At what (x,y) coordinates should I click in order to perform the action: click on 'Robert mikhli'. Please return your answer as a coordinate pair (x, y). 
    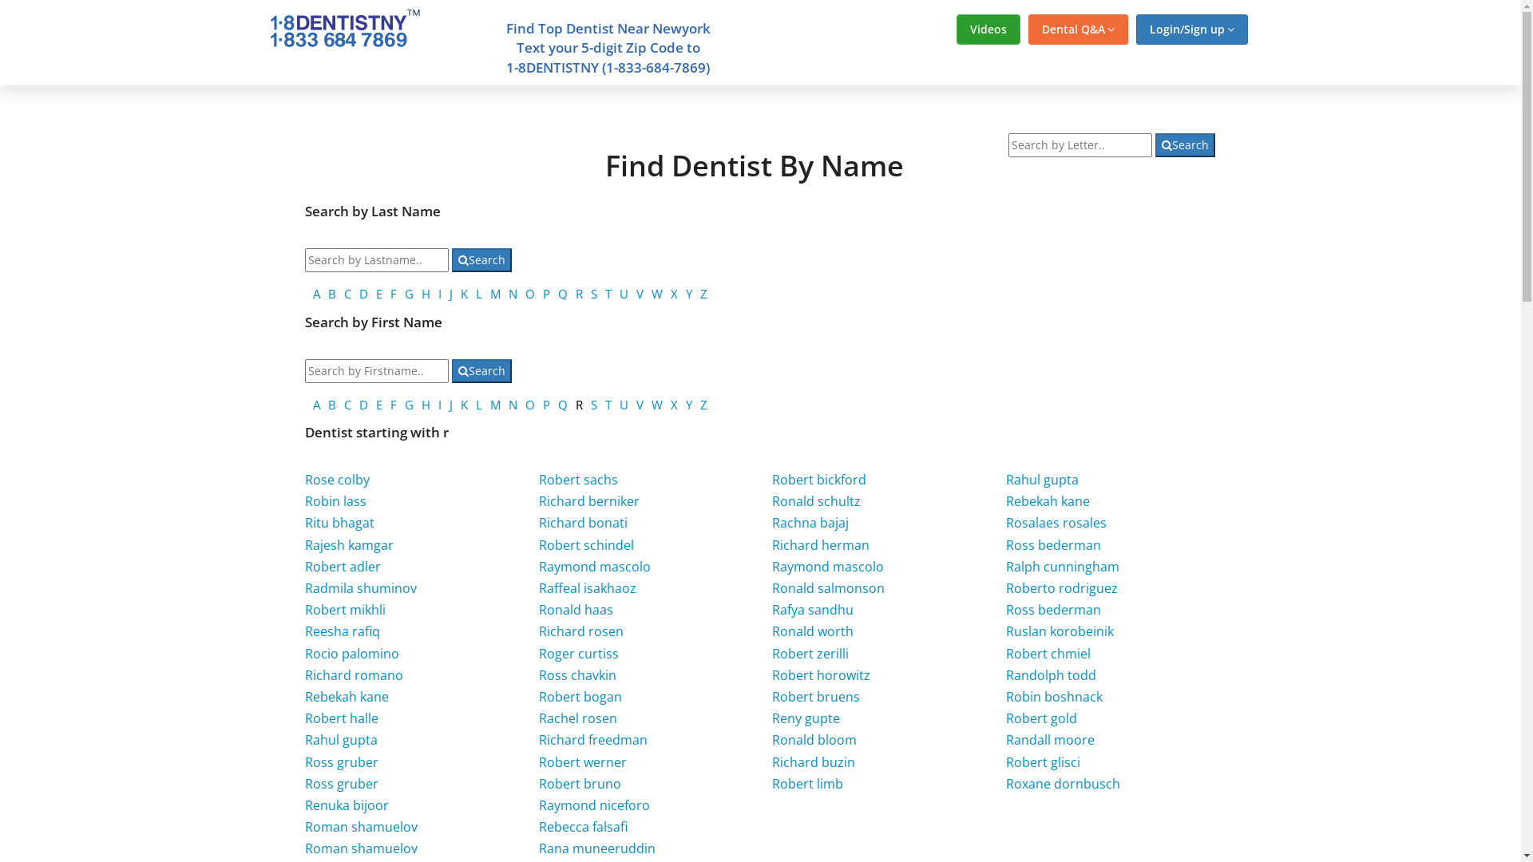
    Looking at the image, I should click on (344, 609).